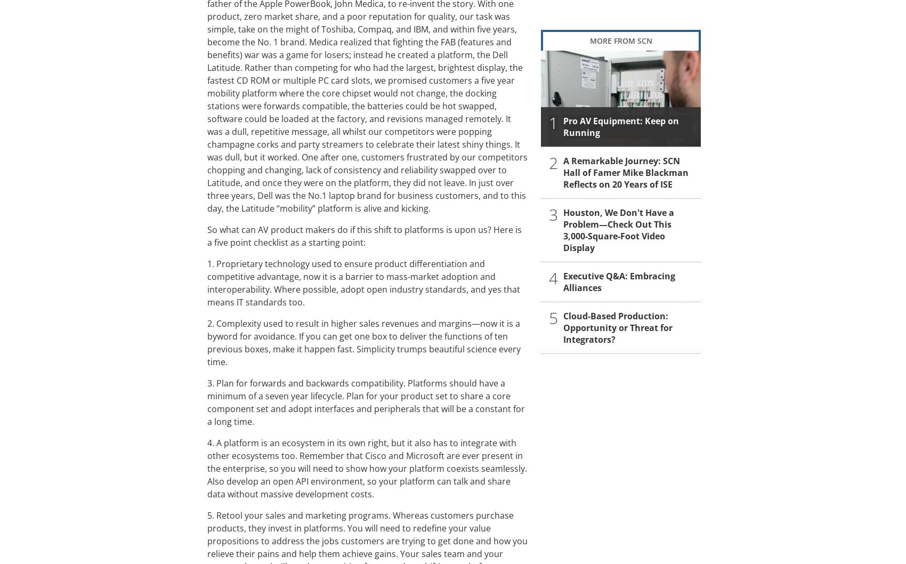  I want to click on '4. A platform is an ecosystem in its own right, but it also has to integrate with other ecosystems too. Remember that Cisco and Microsoft are ever present in the enterprise, so you will need to show how your platform coexists seamlessly. Also develop an open API environment, so your platform can talk and share data without massive development costs.', so click(206, 468).